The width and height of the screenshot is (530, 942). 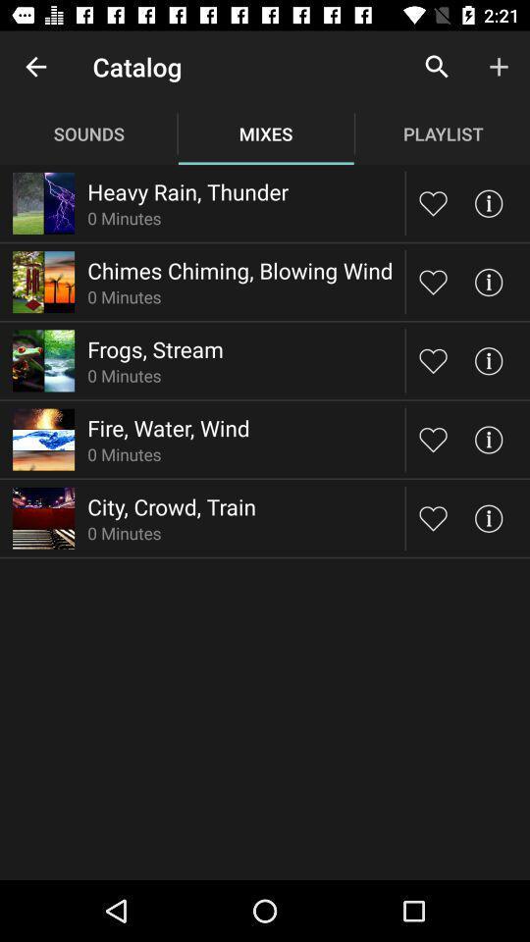 What do you see at coordinates (35, 67) in the screenshot?
I see `icon next to catalog app` at bounding box center [35, 67].